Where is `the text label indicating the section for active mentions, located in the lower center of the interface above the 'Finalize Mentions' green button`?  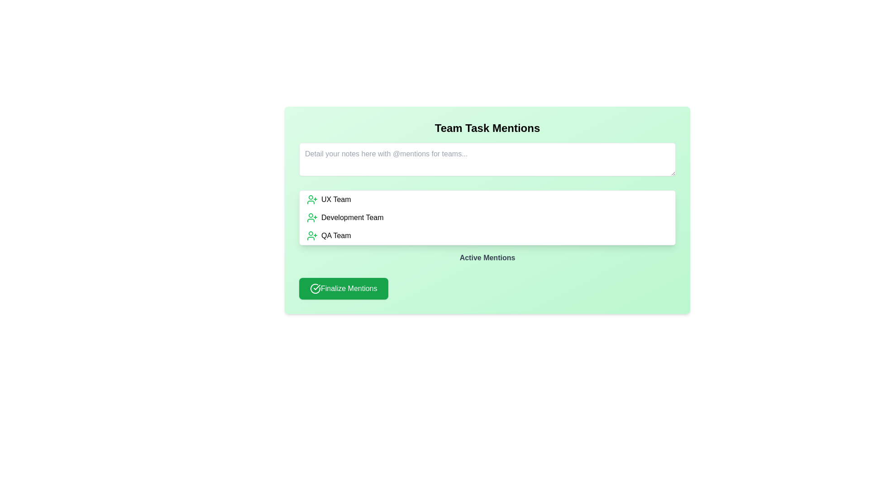
the text label indicating the section for active mentions, located in the lower center of the interface above the 'Finalize Mentions' green button is located at coordinates (487, 258).